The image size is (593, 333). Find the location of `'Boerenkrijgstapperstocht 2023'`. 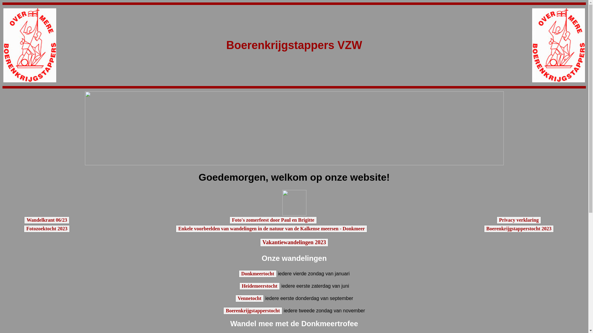

'Boerenkrijgstapperstocht 2023' is located at coordinates (519, 228).